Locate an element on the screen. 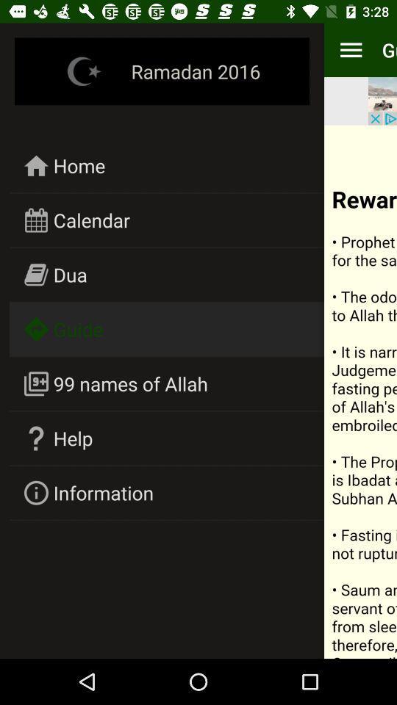 This screenshot has width=397, height=705. icon below help icon is located at coordinates (102, 493).